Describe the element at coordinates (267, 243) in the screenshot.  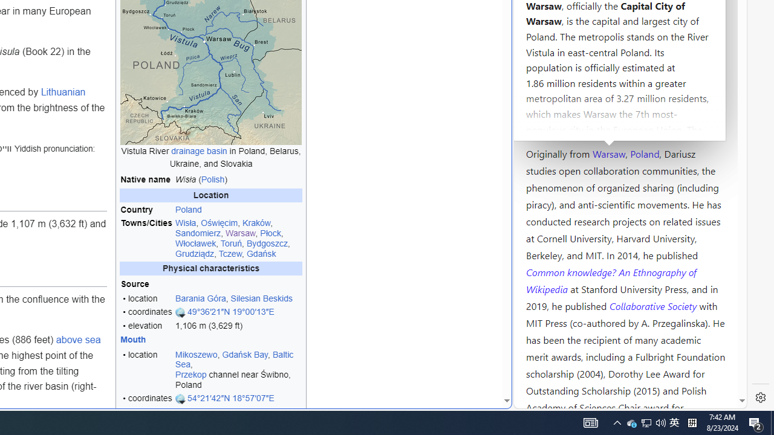
I see `'Bydgoszcz'` at that location.